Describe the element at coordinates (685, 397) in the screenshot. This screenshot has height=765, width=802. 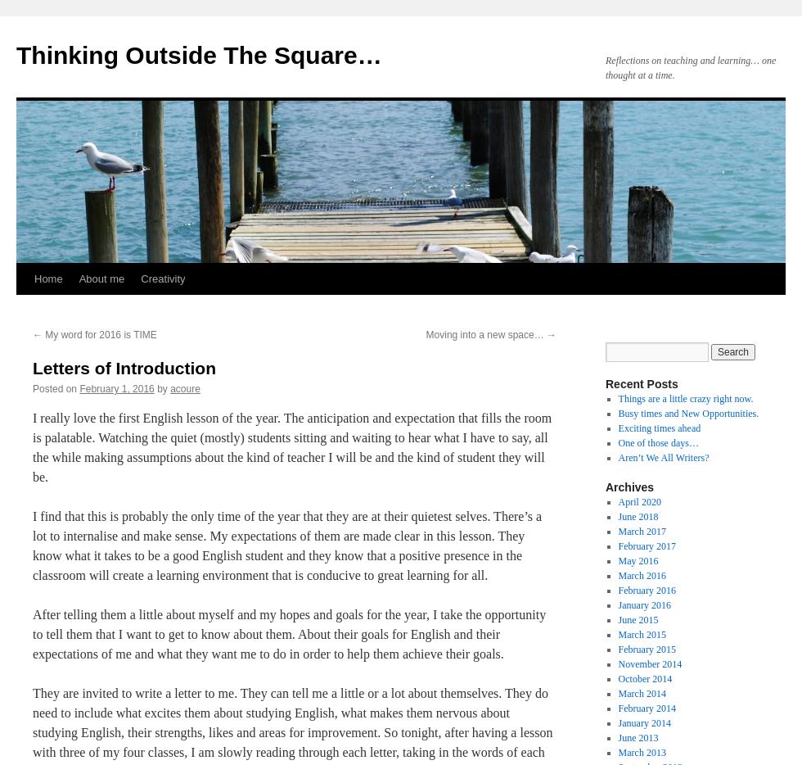
I see `'Things are a little crazy right now.'` at that location.